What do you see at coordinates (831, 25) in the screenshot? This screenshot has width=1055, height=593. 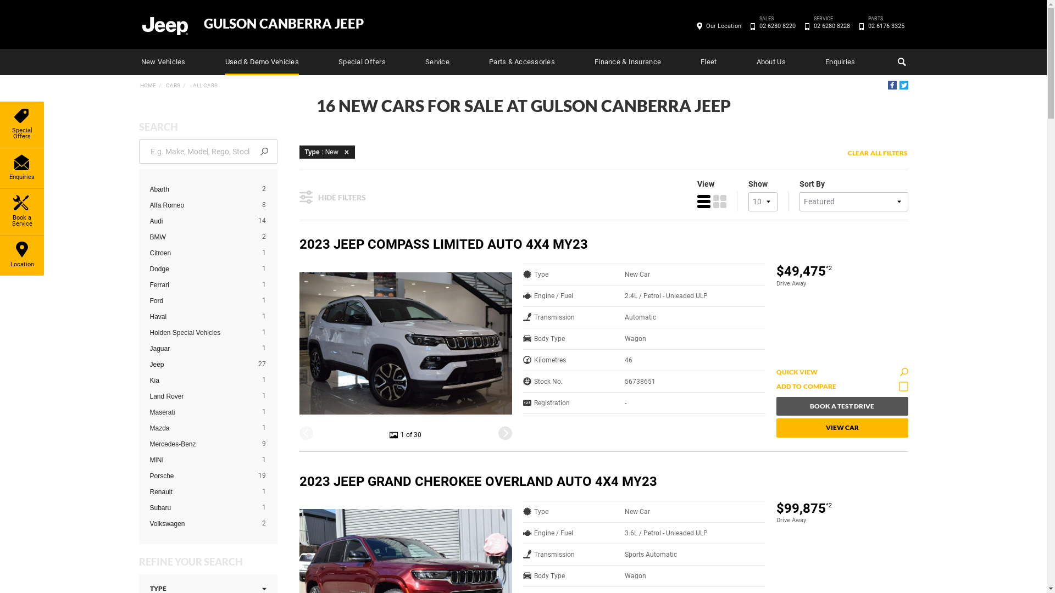 I see `'SERVICE` at bounding box center [831, 25].